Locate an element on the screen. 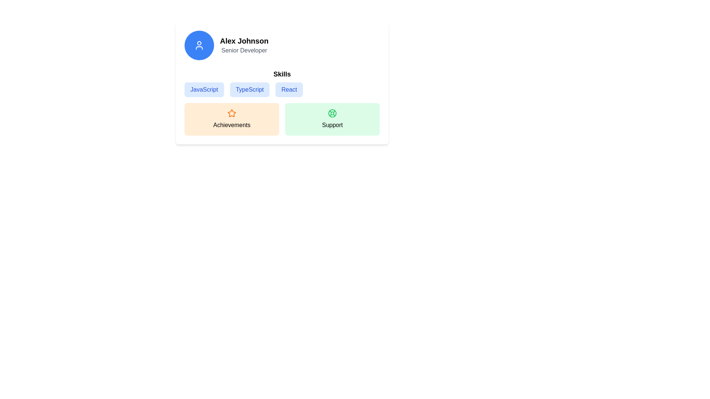 The width and height of the screenshot is (710, 399). the visually styled label representing 'TypeScript', located between the 'JavaScript' and 'React' badges, below the user's title and name is located at coordinates (250, 89).